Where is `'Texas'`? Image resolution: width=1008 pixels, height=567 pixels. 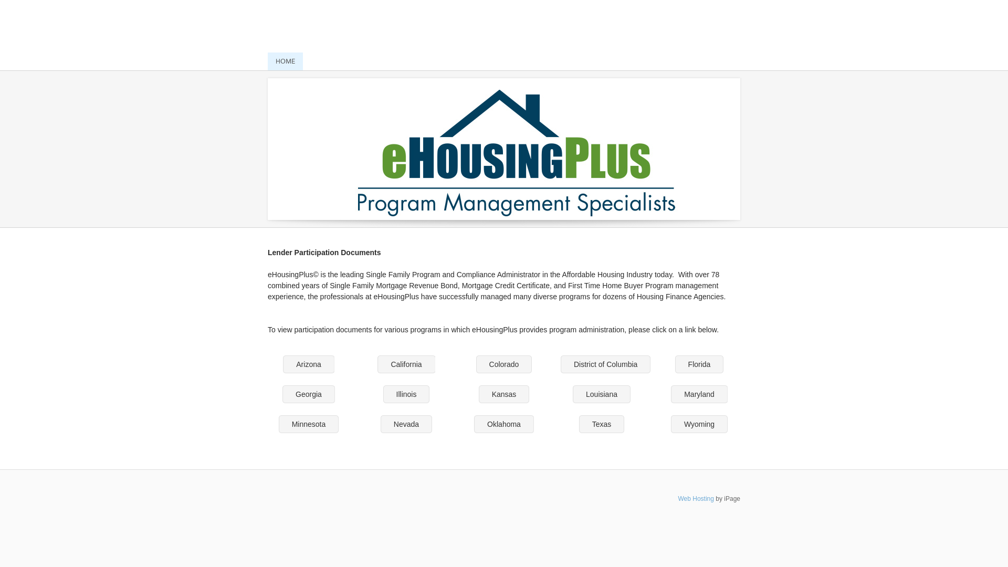 'Texas' is located at coordinates (579, 423).